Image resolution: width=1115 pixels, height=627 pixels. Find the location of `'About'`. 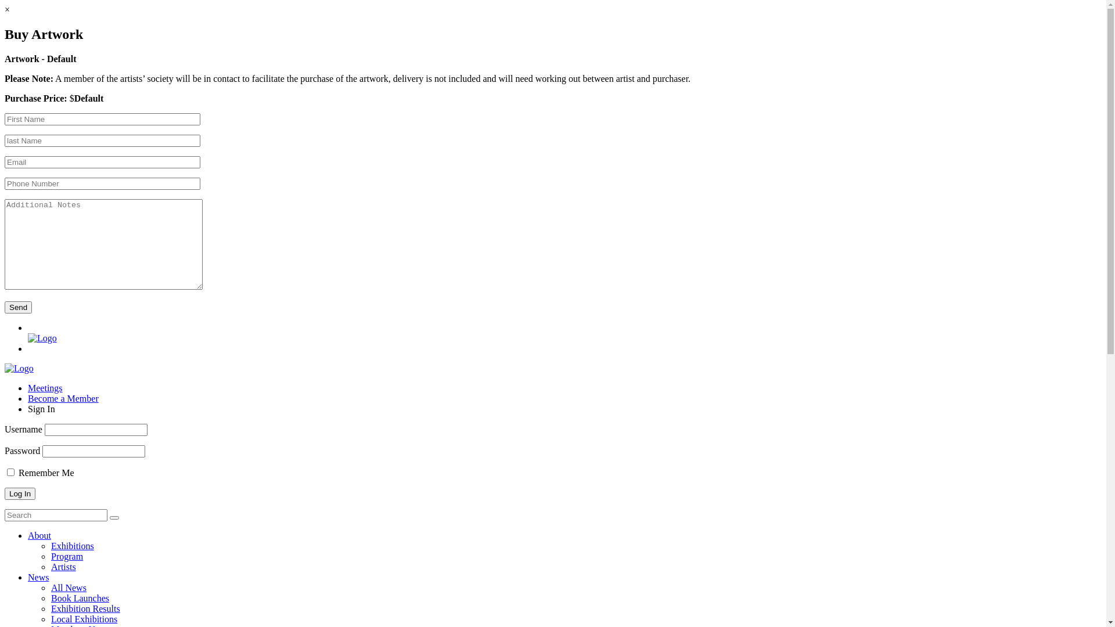

'About' is located at coordinates (39, 535).